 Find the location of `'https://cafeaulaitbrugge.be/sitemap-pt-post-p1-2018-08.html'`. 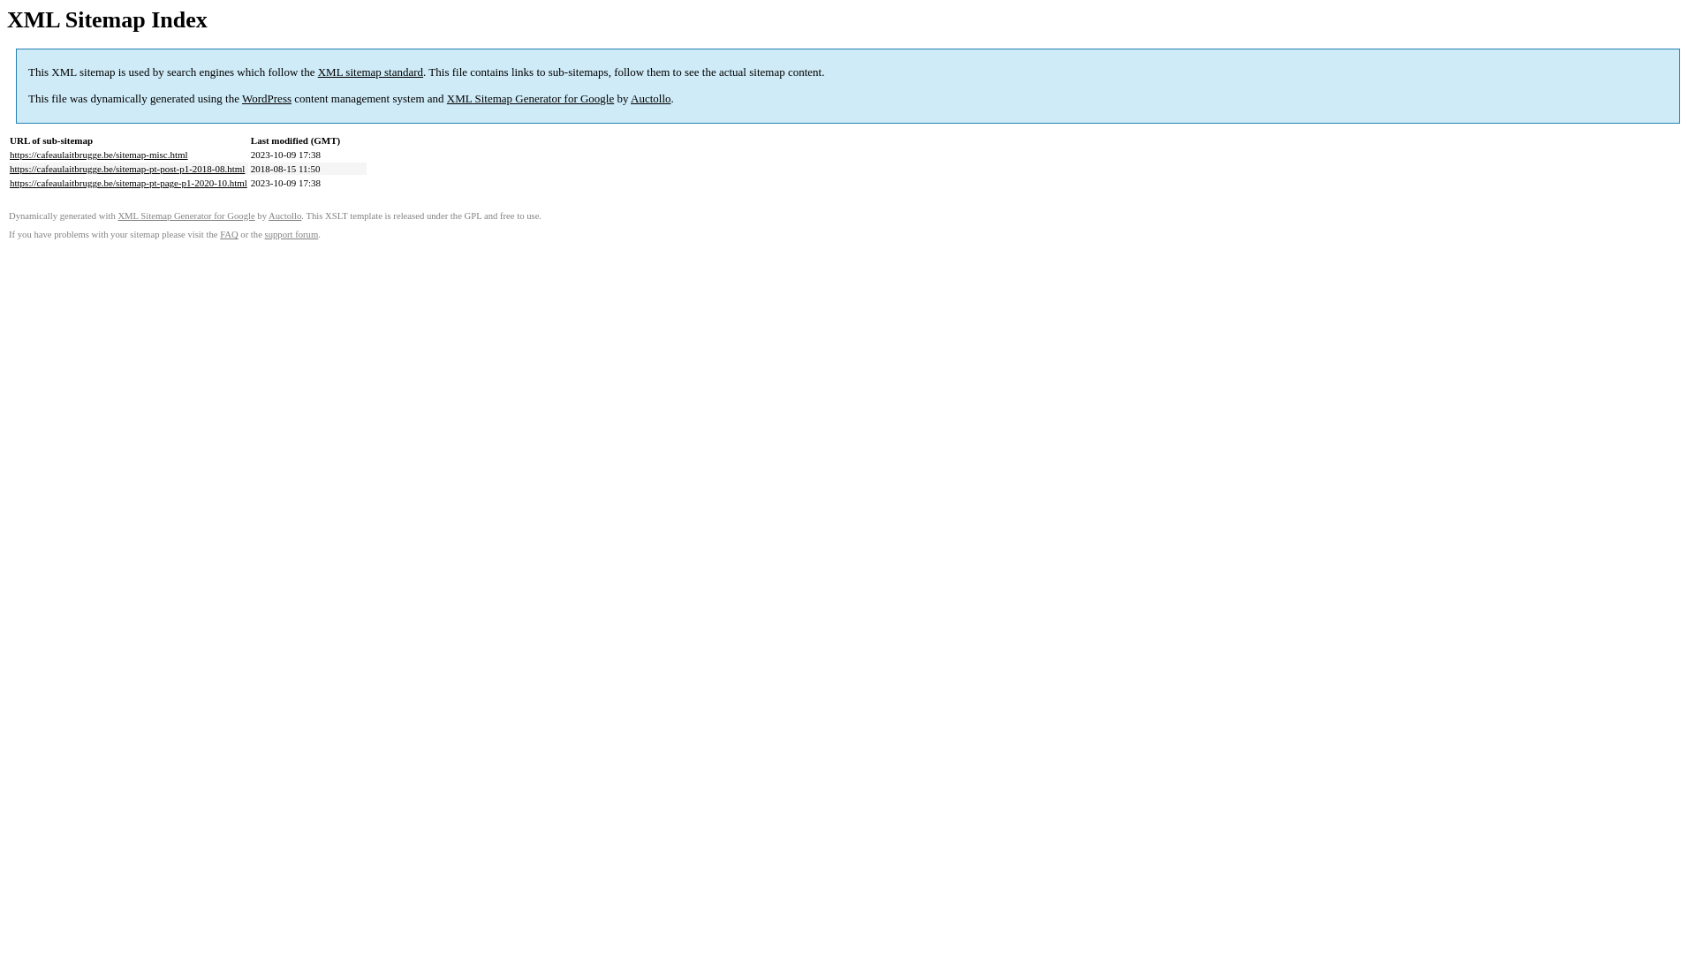

'https://cafeaulaitbrugge.be/sitemap-pt-post-p1-2018-08.html' is located at coordinates (126, 169).